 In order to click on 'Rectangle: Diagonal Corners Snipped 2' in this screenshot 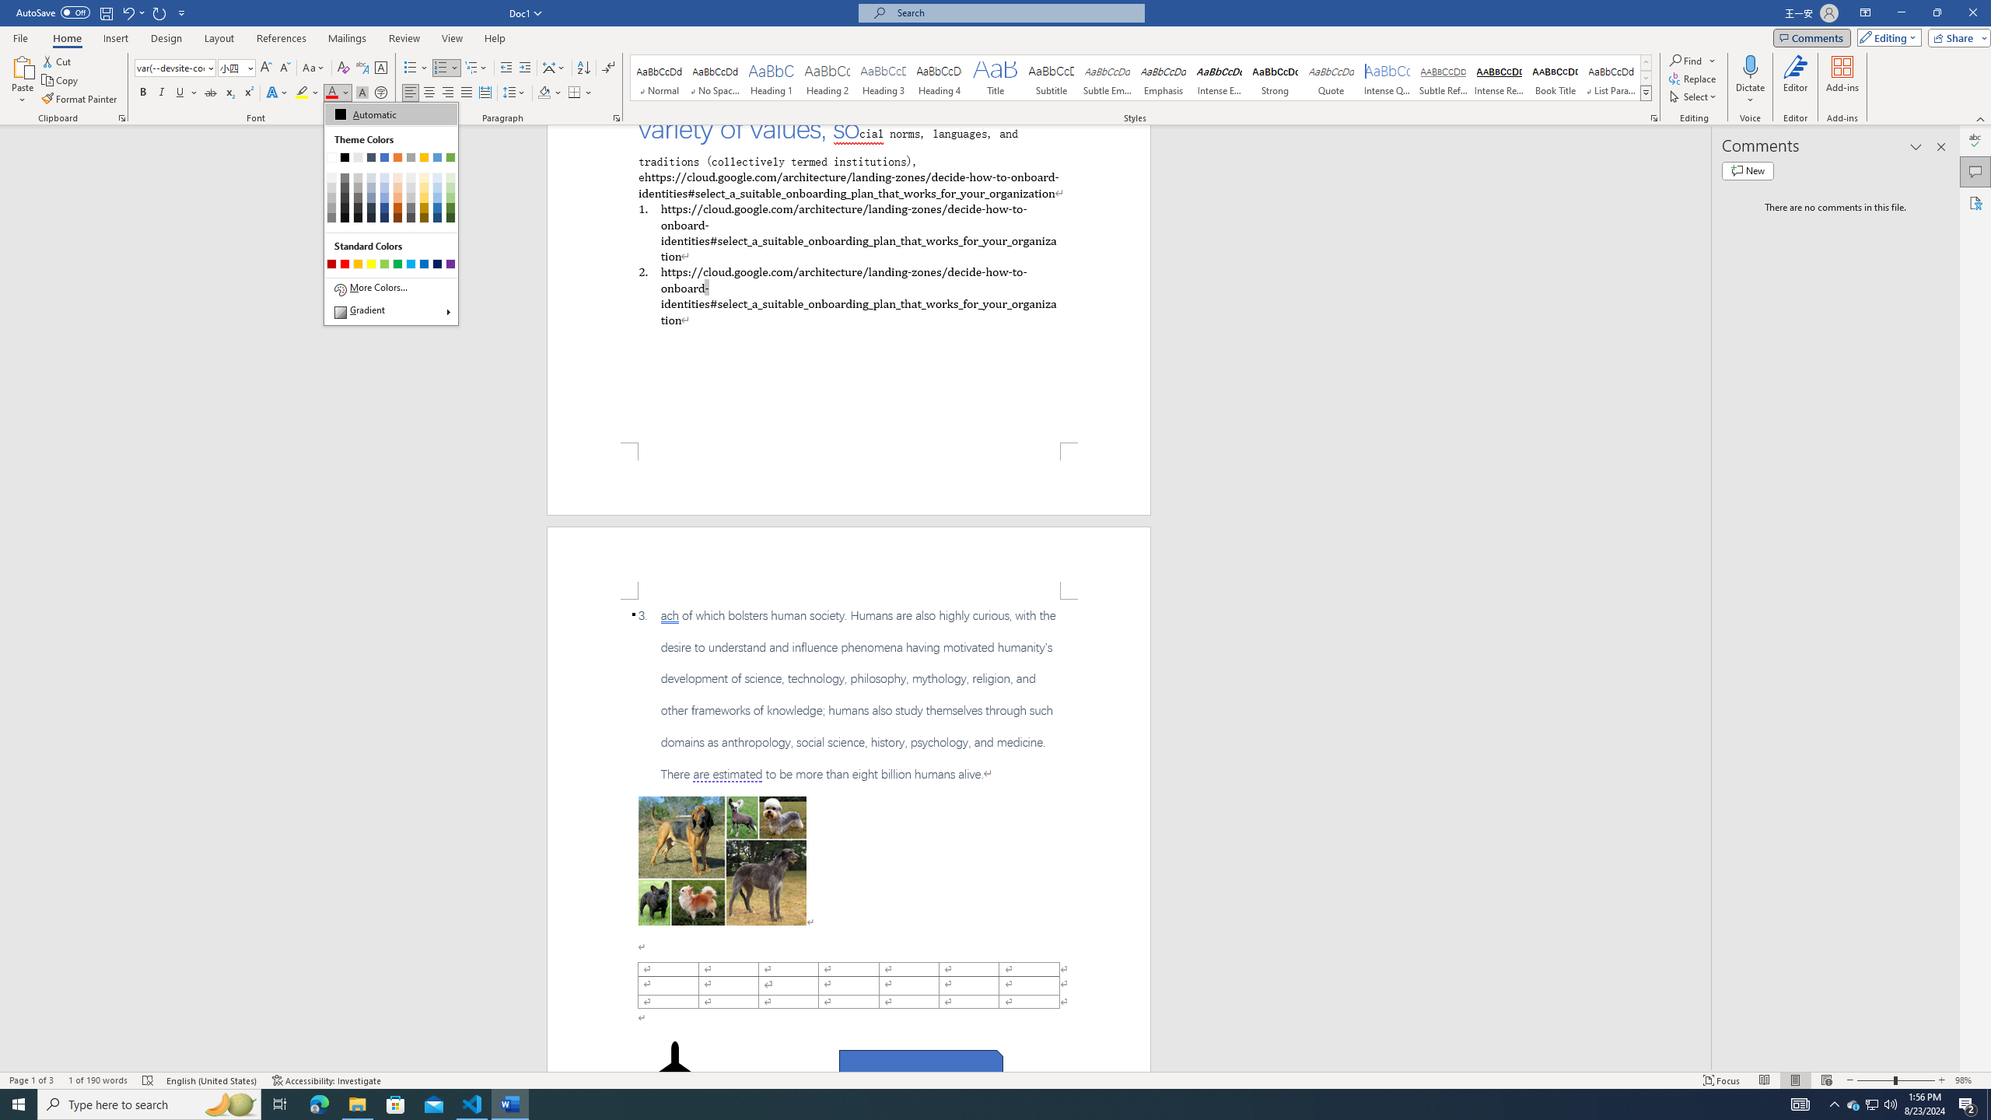, I will do `click(920, 1067)`.